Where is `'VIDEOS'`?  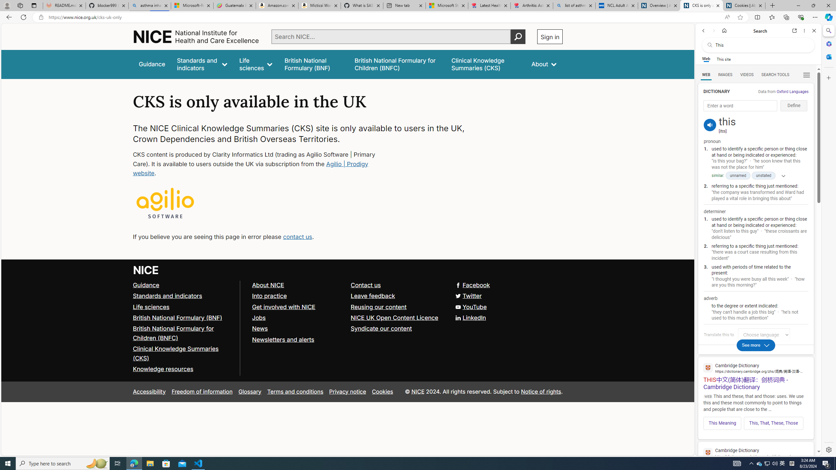 'VIDEOS' is located at coordinates (747, 75).